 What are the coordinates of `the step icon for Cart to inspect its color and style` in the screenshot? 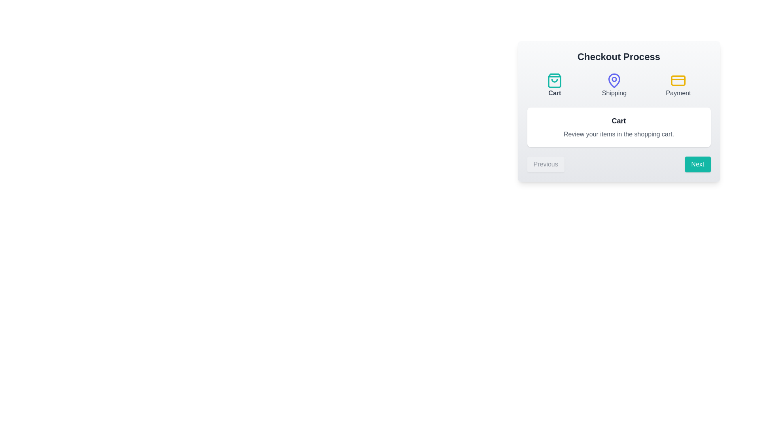 It's located at (554, 85).